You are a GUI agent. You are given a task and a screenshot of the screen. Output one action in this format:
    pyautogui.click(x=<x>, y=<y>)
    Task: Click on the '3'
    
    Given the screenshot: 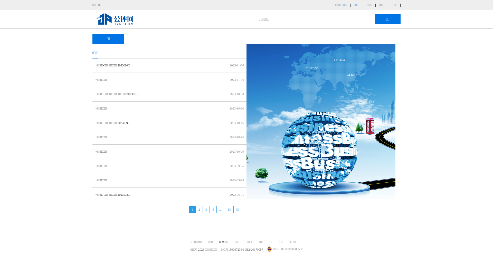 What is the action you would take?
    pyautogui.click(x=202, y=210)
    